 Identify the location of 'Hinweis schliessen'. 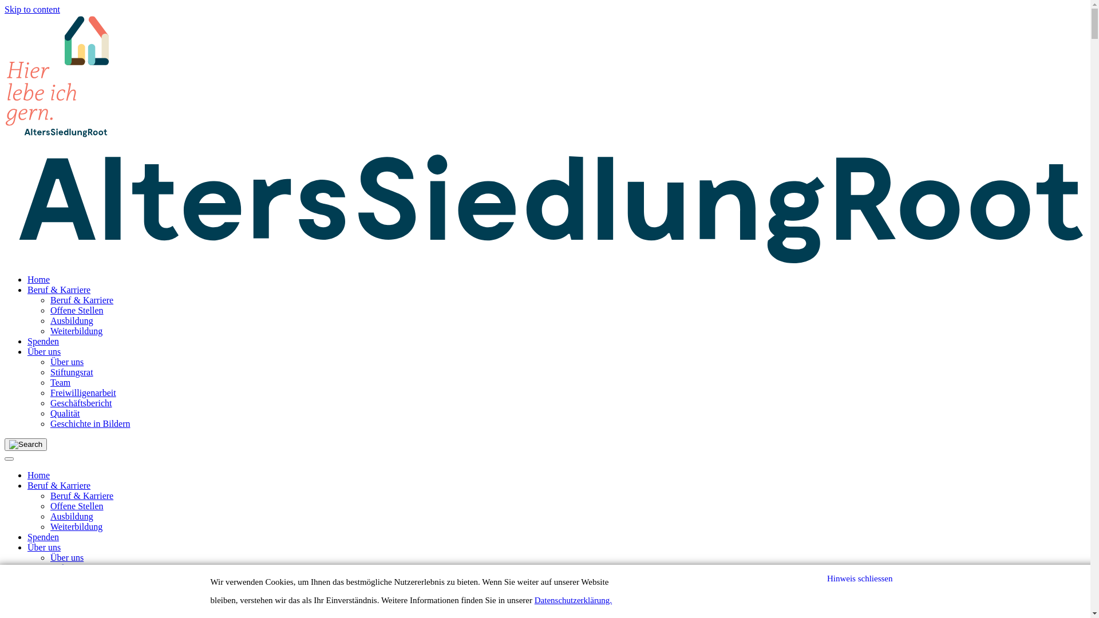
(860, 579).